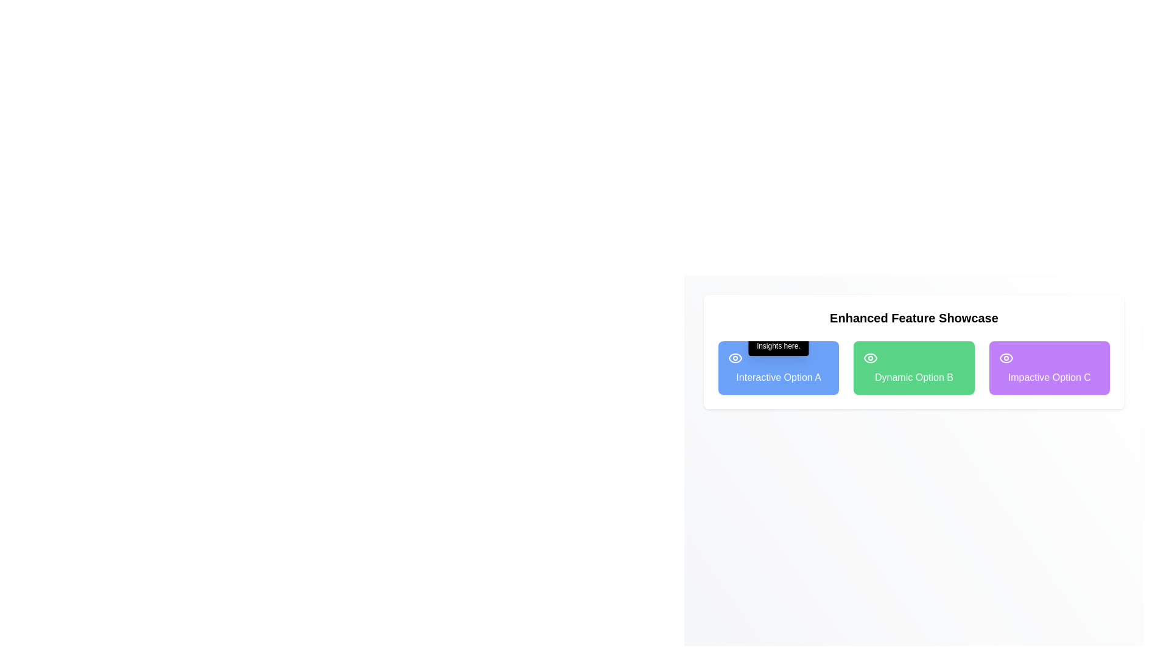  Describe the element at coordinates (778, 336) in the screenshot. I see `the tooltip that has a black background and white text saying 'Explore detailed insights here.' It is located above the blue button labeled 'Interactive Option A' in the 'Enhanced Feature Showcase' section` at that location.